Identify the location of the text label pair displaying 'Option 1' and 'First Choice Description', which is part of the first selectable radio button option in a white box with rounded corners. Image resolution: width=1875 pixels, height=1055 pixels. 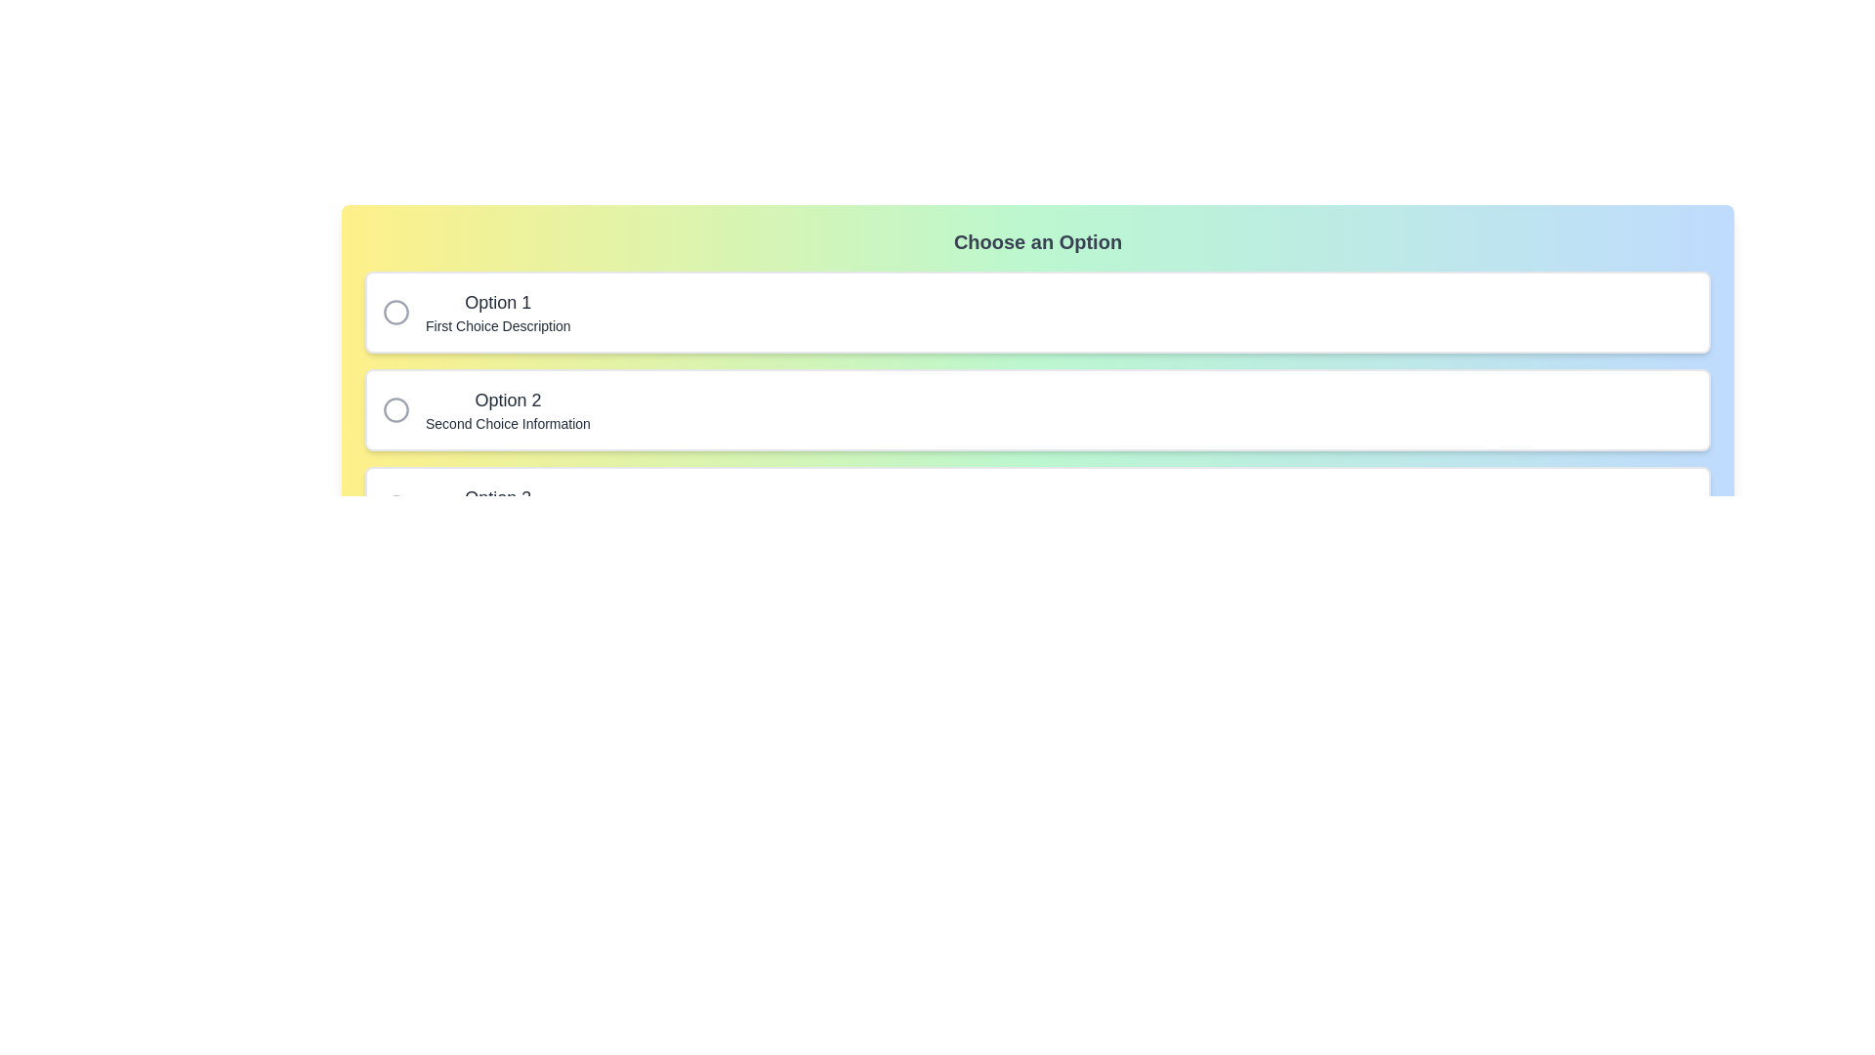
(498, 312).